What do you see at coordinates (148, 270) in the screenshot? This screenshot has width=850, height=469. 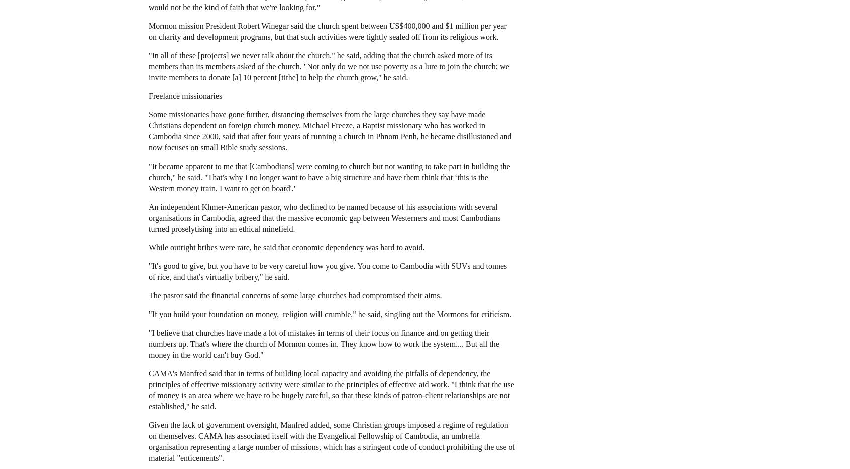 I see `'"It's good to give, but you have to be very careful how you give. You come to Cambodia with SUVs and tonnes of rice, and that's virtually bribery," he said.'` at bounding box center [148, 270].